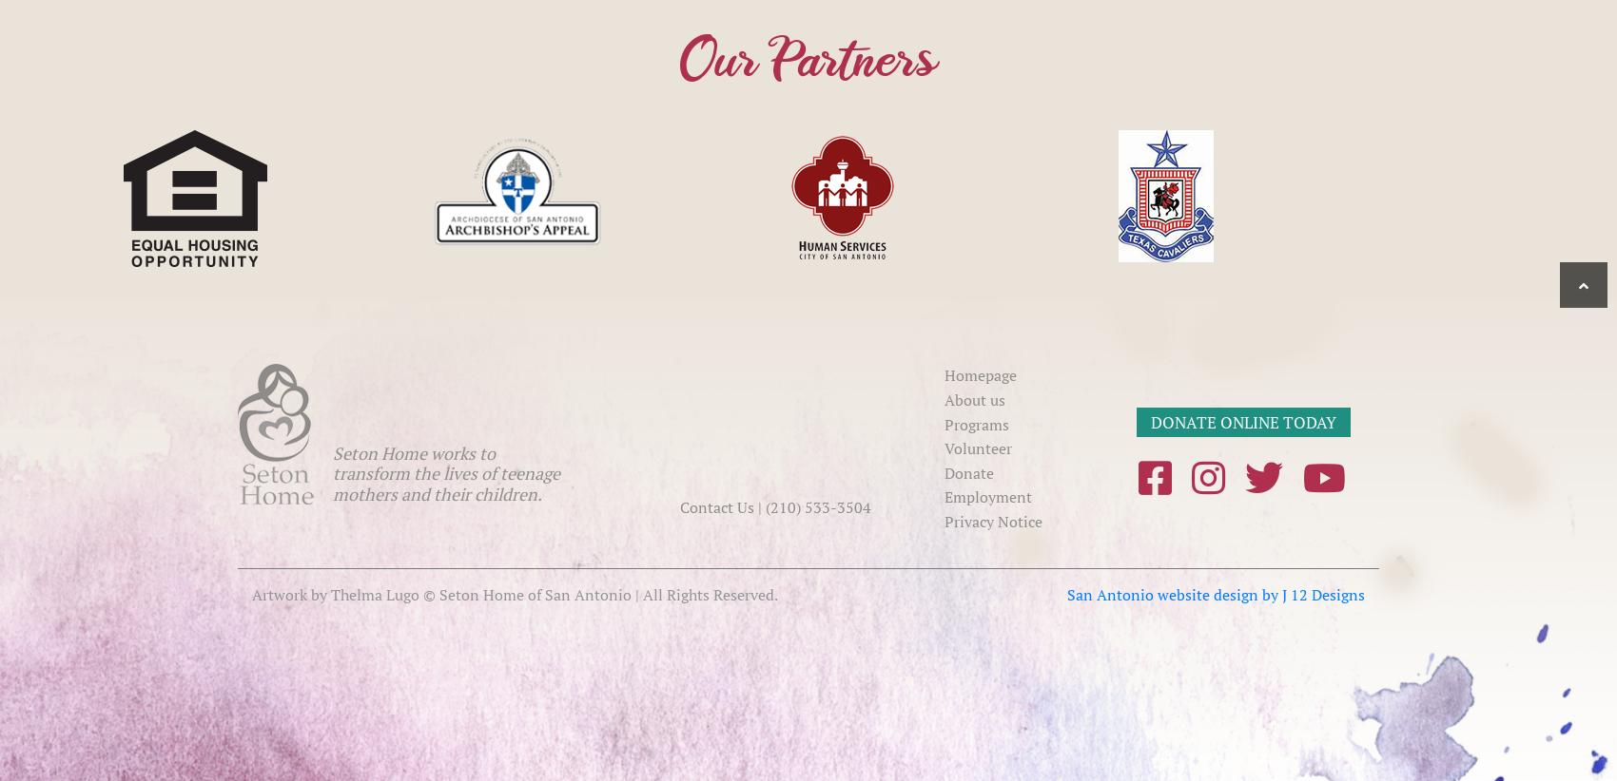  What do you see at coordinates (1216, 593) in the screenshot?
I see `'San Antonio website design by J 12 Designs'` at bounding box center [1216, 593].